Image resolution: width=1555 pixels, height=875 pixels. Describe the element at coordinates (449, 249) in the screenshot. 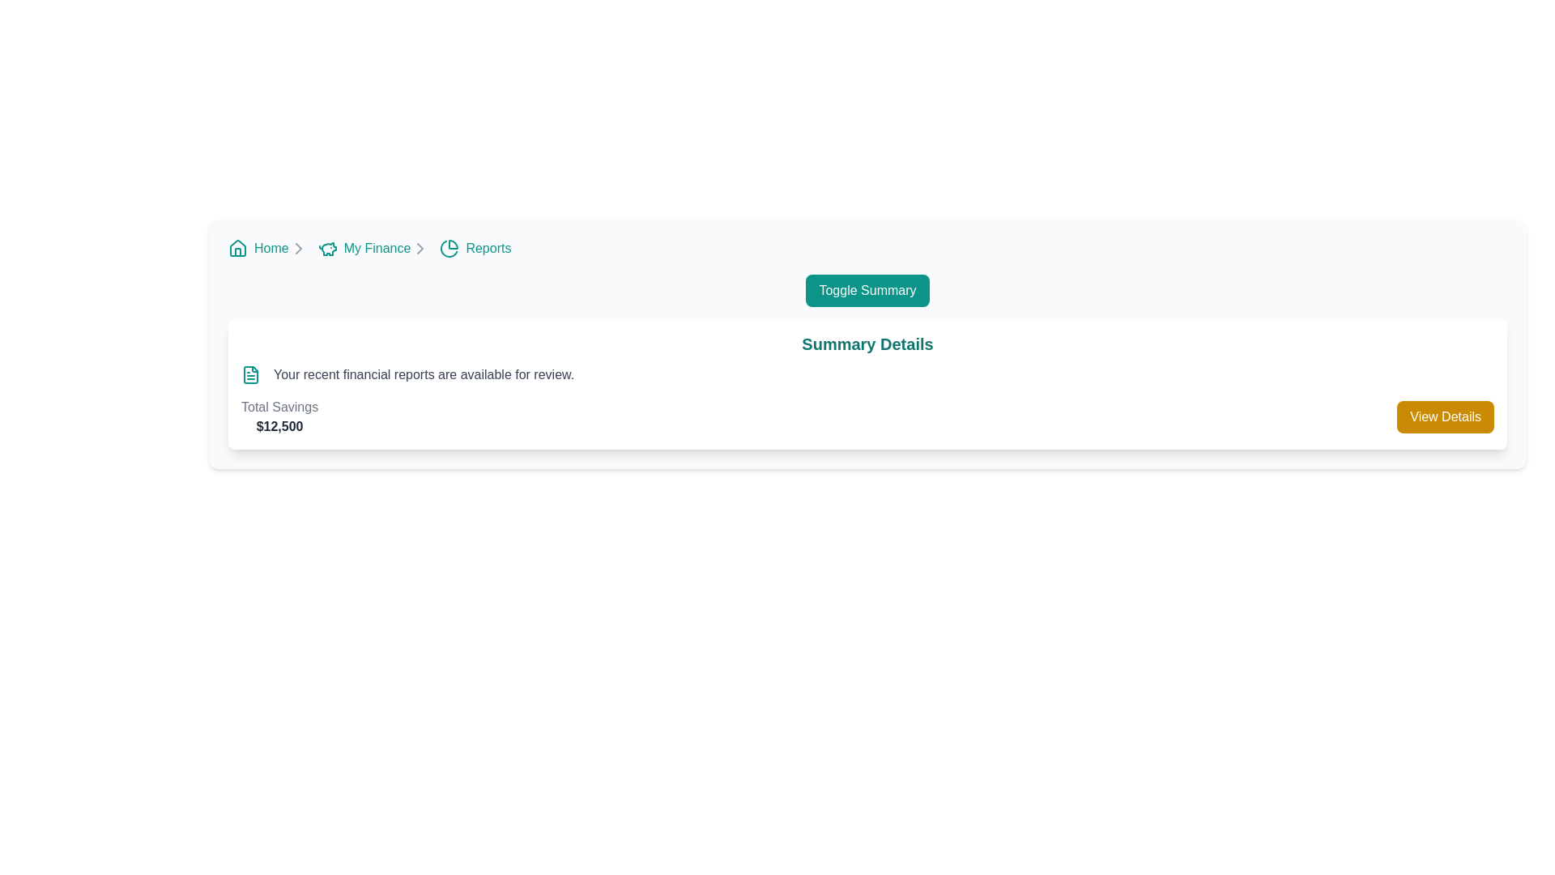

I see `the teal pie chart icon located in the navigation breadcrumb section, positioned to the left of the 'Reports' text link` at that location.